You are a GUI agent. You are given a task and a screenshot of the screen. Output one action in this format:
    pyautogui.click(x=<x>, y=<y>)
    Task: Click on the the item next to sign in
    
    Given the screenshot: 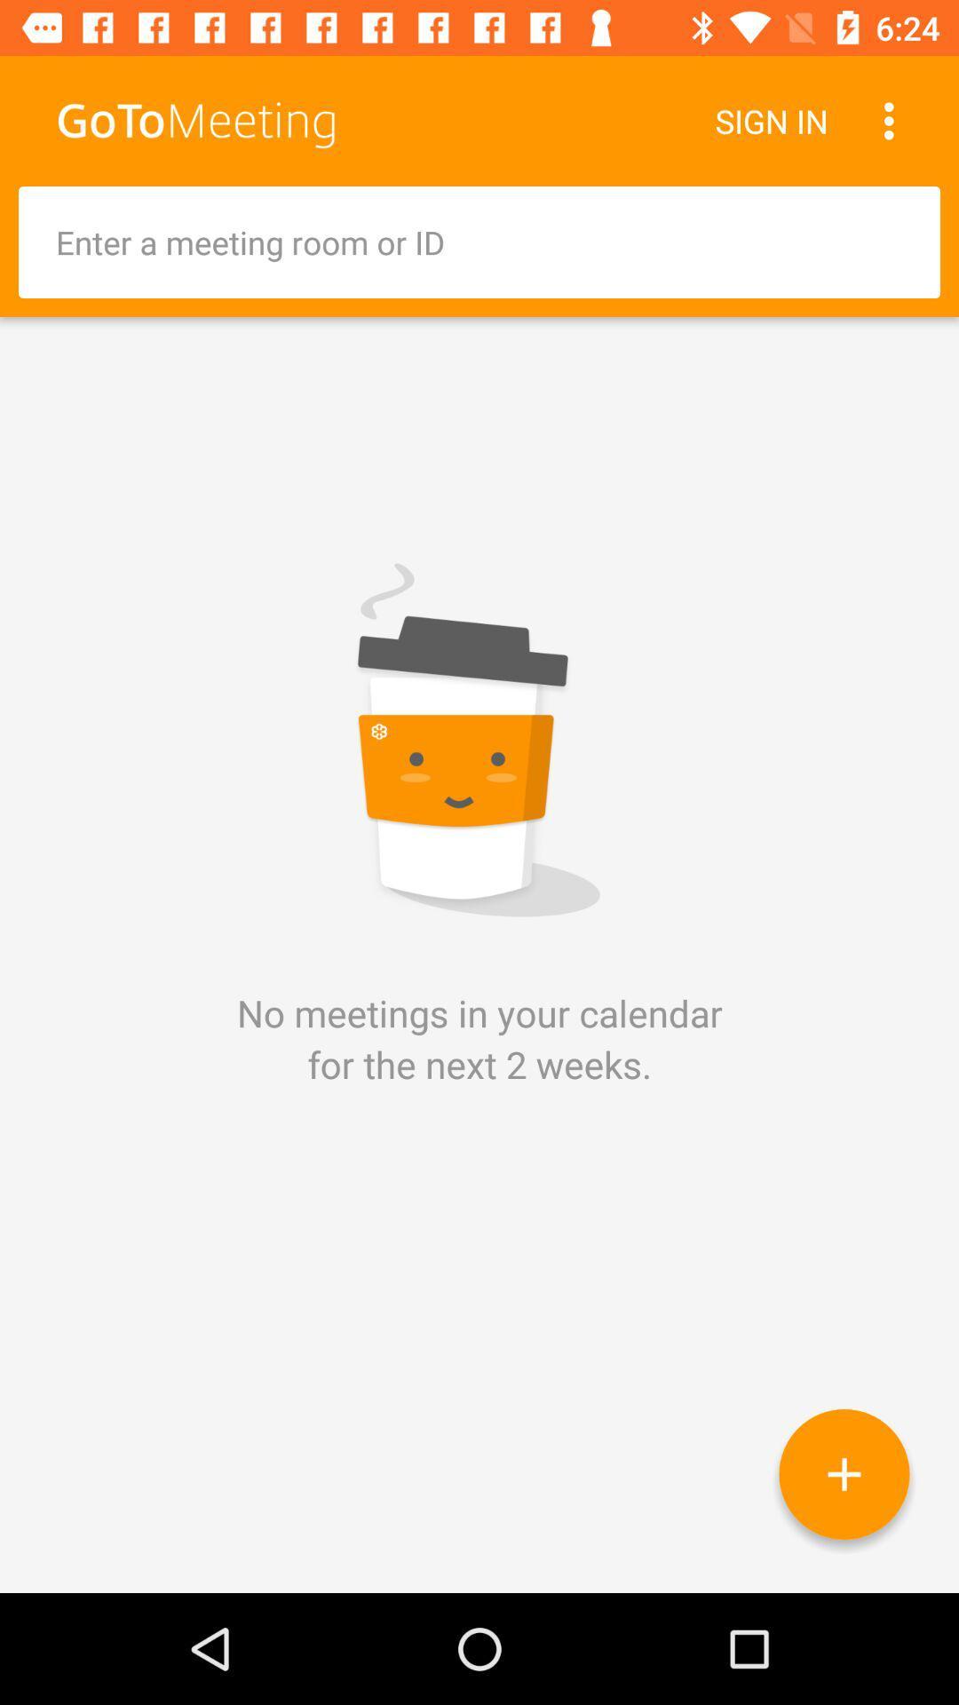 What is the action you would take?
    pyautogui.click(x=893, y=120)
    